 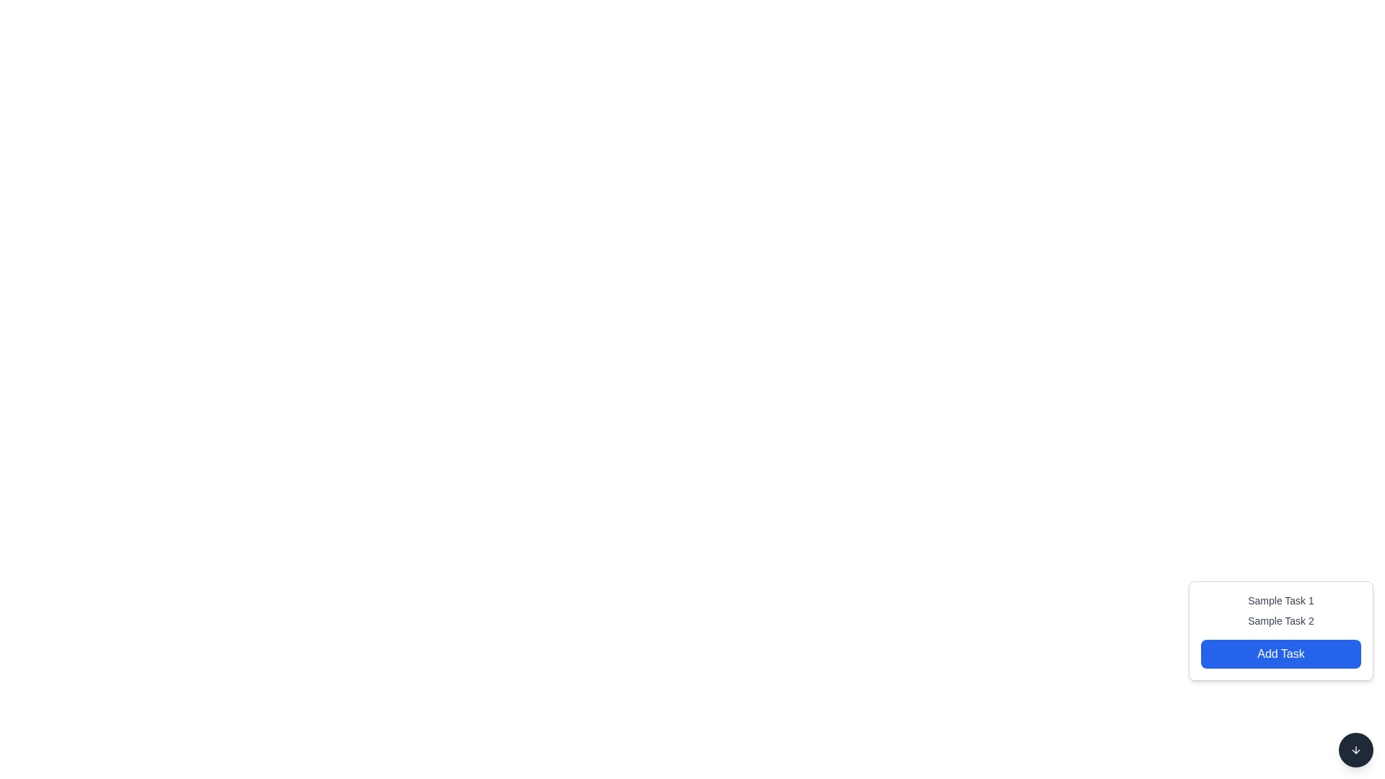 I want to click on the blue rectangular button with rounded corners labeled 'Add Task' to trigger the hover effect, so click(x=1281, y=653).